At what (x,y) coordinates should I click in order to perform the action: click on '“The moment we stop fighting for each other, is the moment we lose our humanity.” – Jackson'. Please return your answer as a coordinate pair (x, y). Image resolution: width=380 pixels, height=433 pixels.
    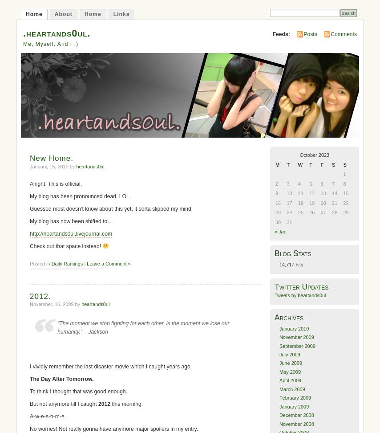
    Looking at the image, I should click on (142, 327).